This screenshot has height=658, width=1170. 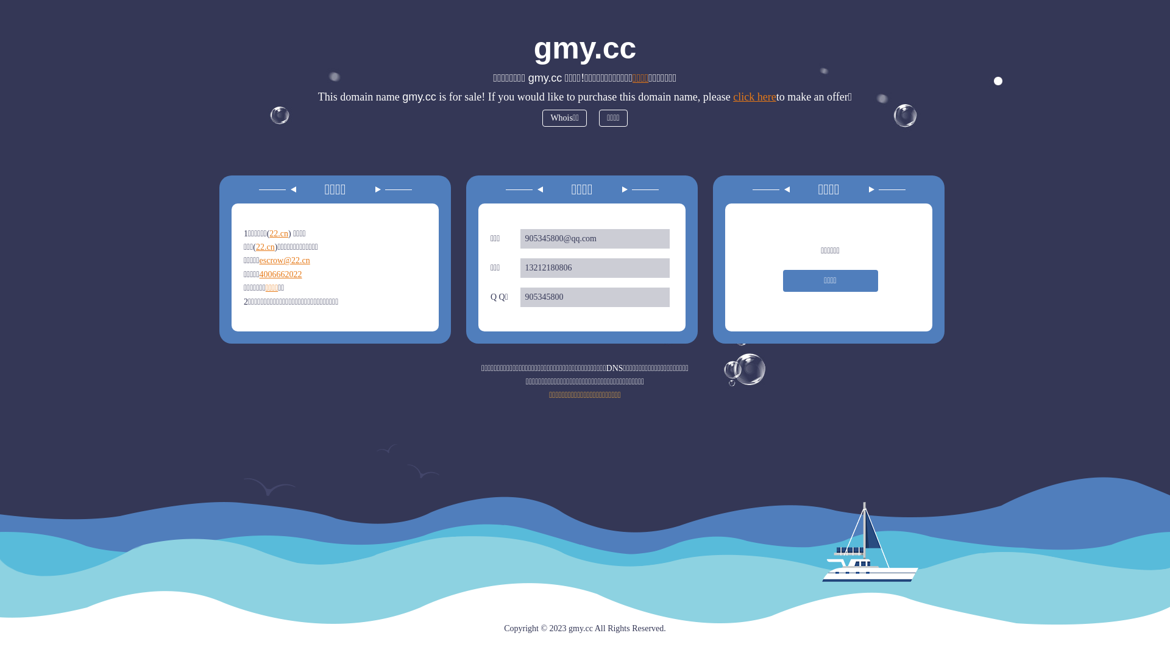 What do you see at coordinates (264, 247) in the screenshot?
I see `'22.cn'` at bounding box center [264, 247].